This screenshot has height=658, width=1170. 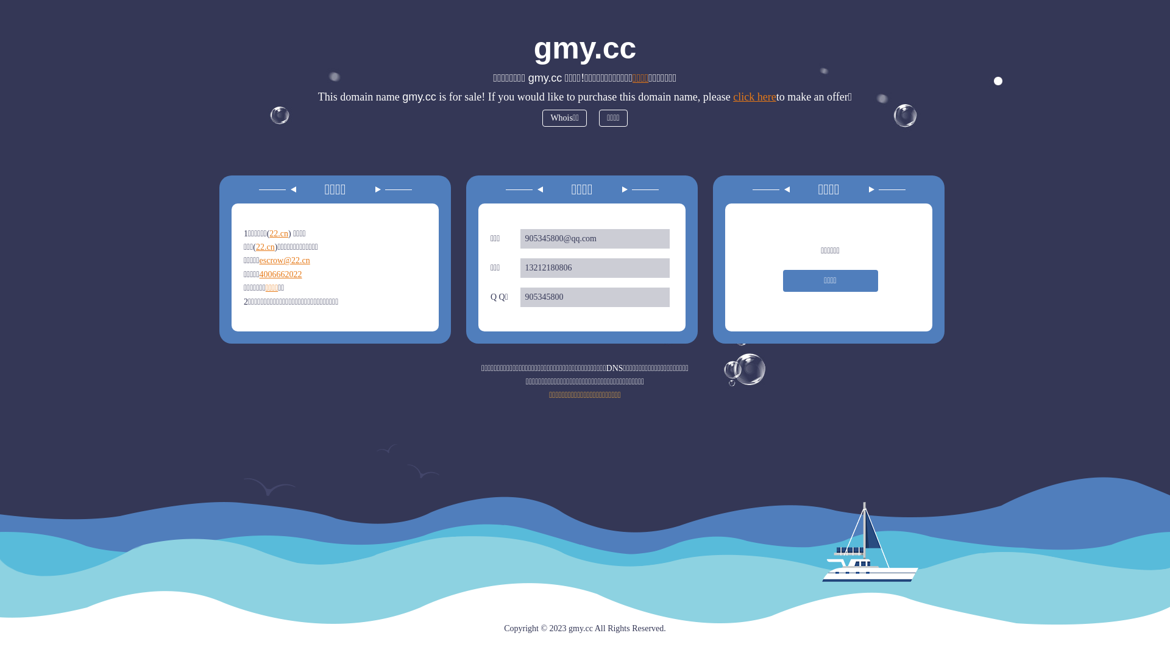 What do you see at coordinates (264, 247) in the screenshot?
I see `'22.cn'` at bounding box center [264, 247].